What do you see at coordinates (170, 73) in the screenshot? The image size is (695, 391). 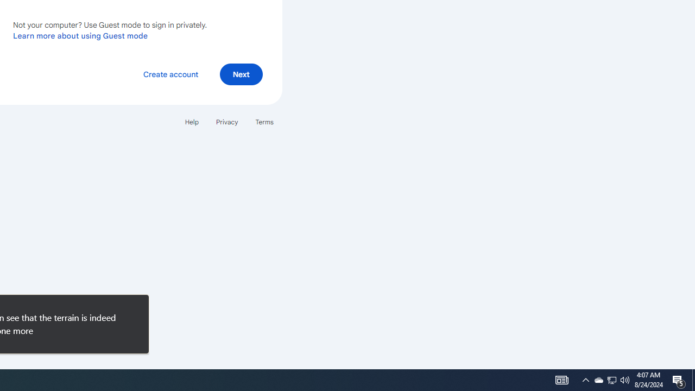 I see `'Create account'` at bounding box center [170, 73].